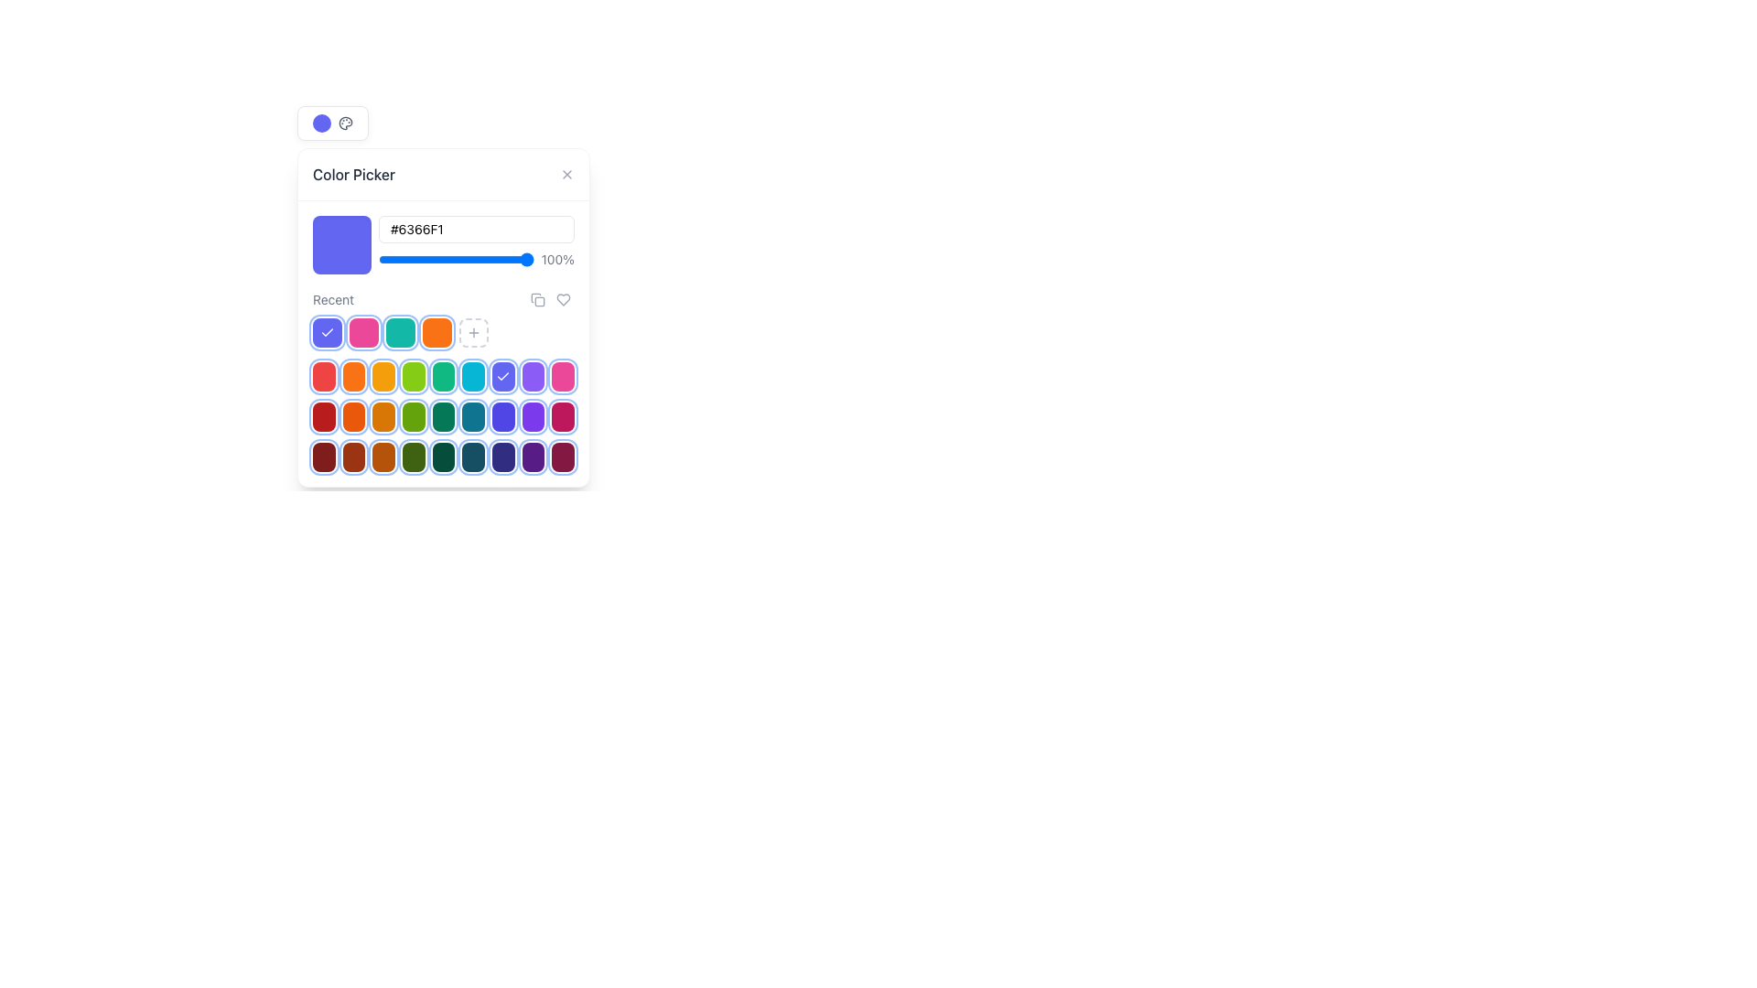 This screenshot has width=1757, height=988. Describe the element at coordinates (566, 175) in the screenshot. I see `the close button located at the top-right corner of the 'Color Picker' interface` at that location.